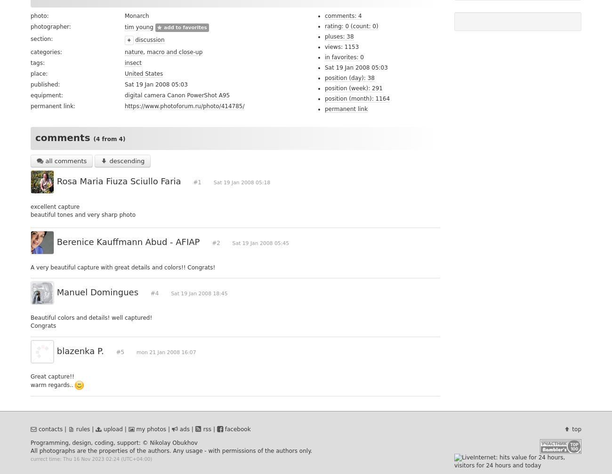 Image resolution: width=612 pixels, height=474 pixels. Describe the element at coordinates (354, 87) in the screenshot. I see `'position (week): 291'` at that location.